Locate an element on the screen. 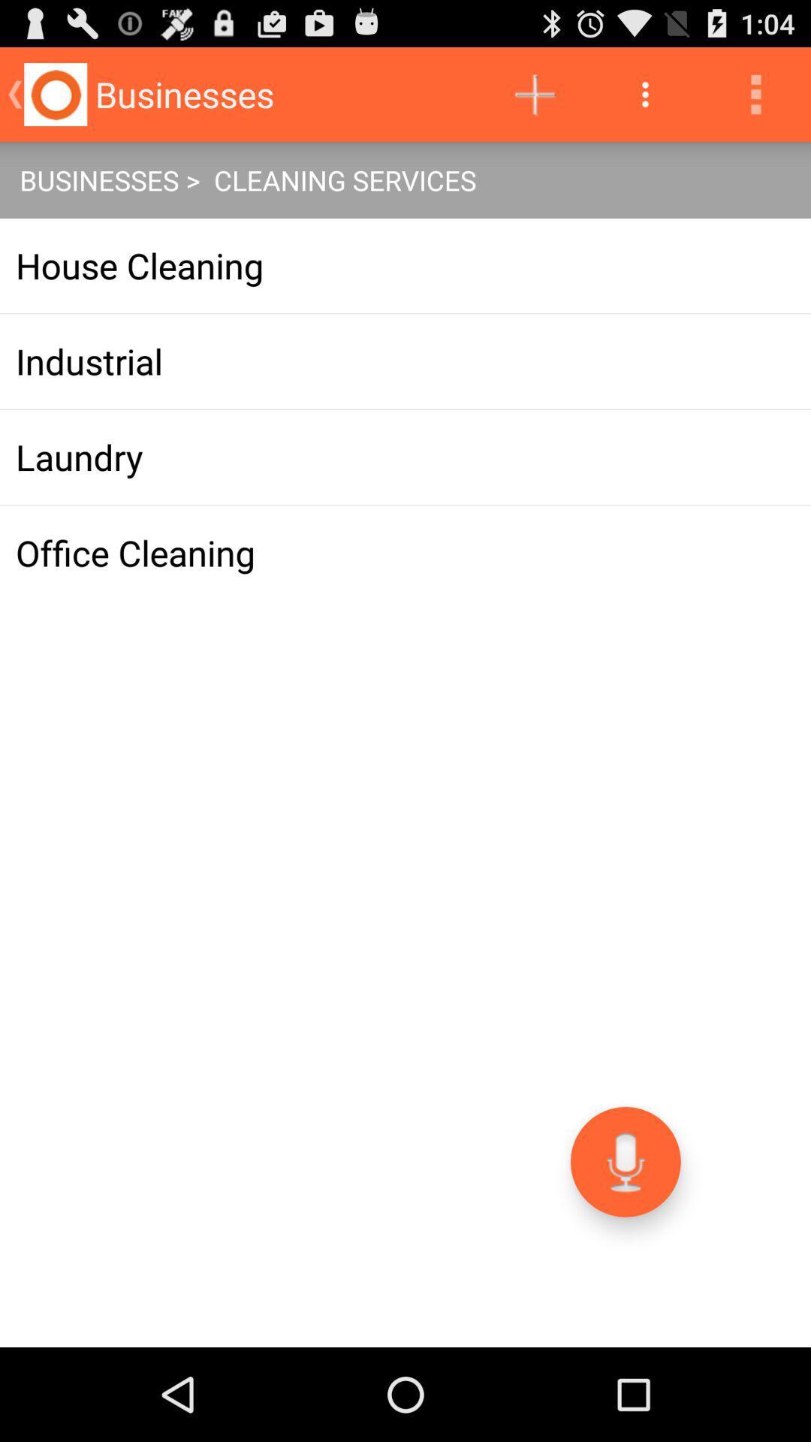 This screenshot has width=811, height=1442. app above the industrial icon is located at coordinates (405, 266).